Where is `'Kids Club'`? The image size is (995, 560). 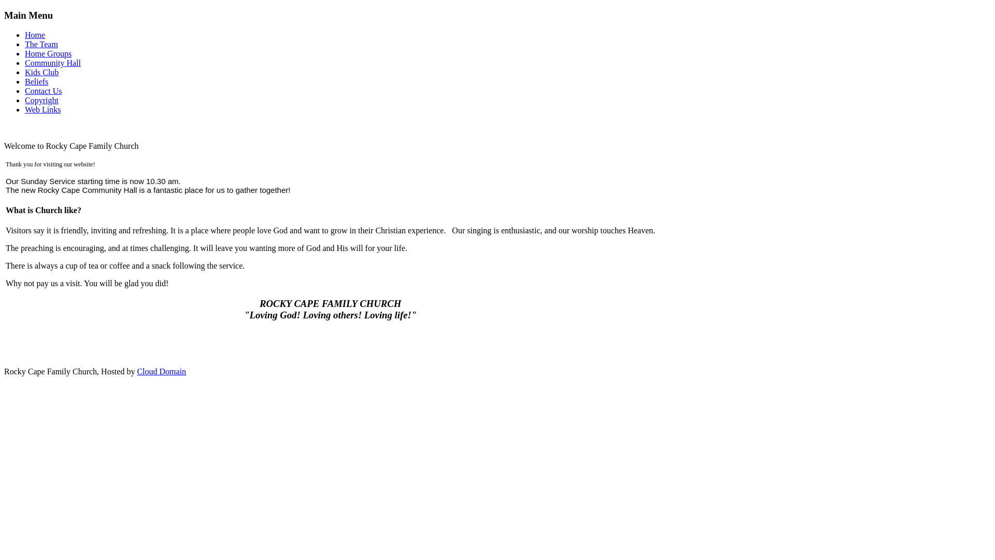 'Kids Club' is located at coordinates (41, 72).